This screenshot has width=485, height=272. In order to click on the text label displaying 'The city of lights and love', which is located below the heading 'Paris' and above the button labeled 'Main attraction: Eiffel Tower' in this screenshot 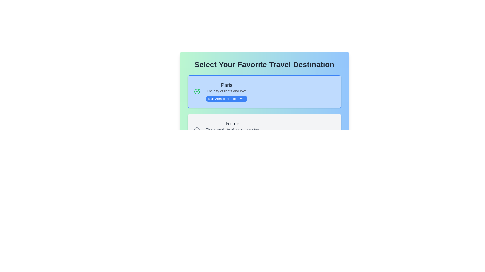, I will do `click(226, 91)`.